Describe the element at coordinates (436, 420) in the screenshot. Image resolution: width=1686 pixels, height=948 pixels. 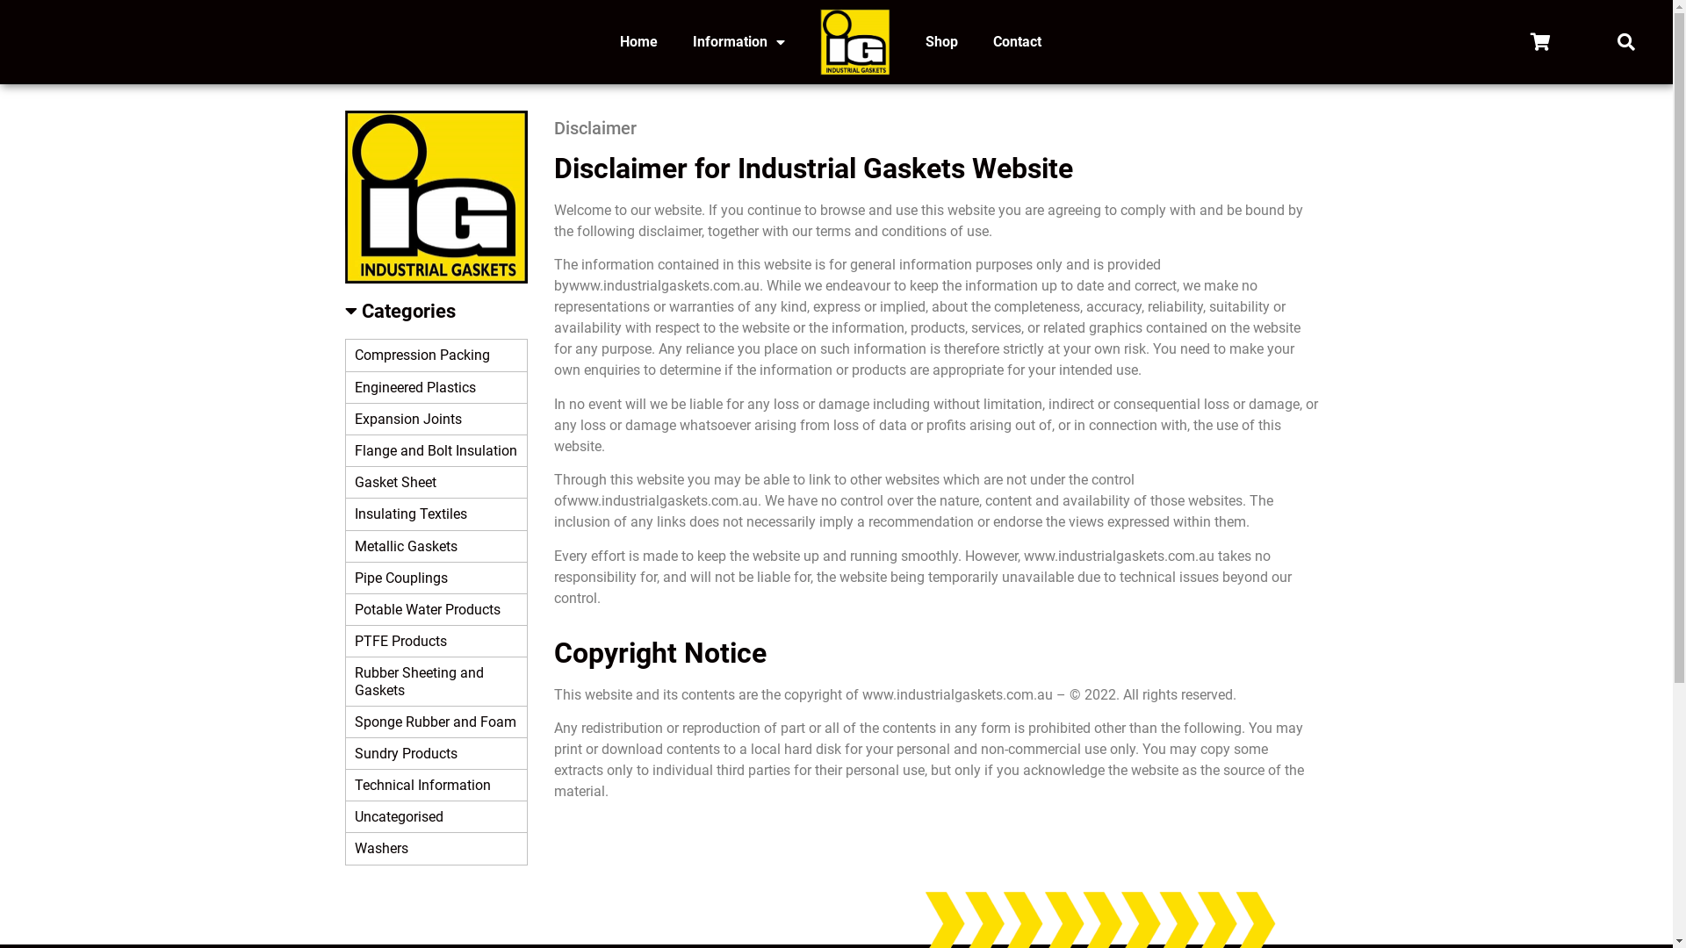
I see `'Expansion Joints'` at that location.